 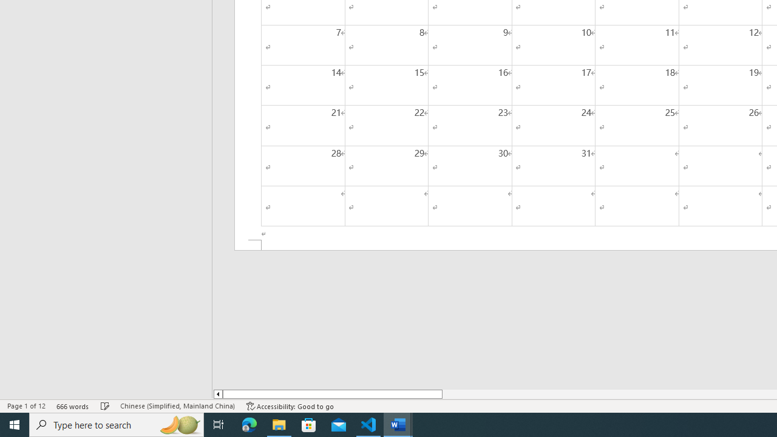 What do you see at coordinates (217, 394) in the screenshot?
I see `'Column left'` at bounding box center [217, 394].